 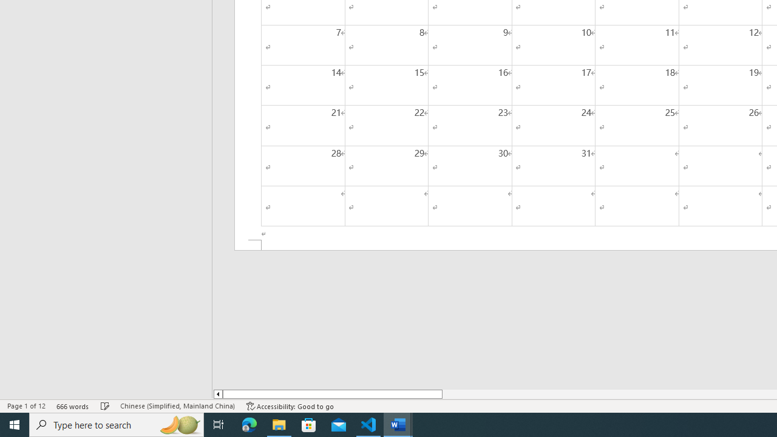 What do you see at coordinates (217, 394) in the screenshot?
I see `'Column left'` at bounding box center [217, 394].